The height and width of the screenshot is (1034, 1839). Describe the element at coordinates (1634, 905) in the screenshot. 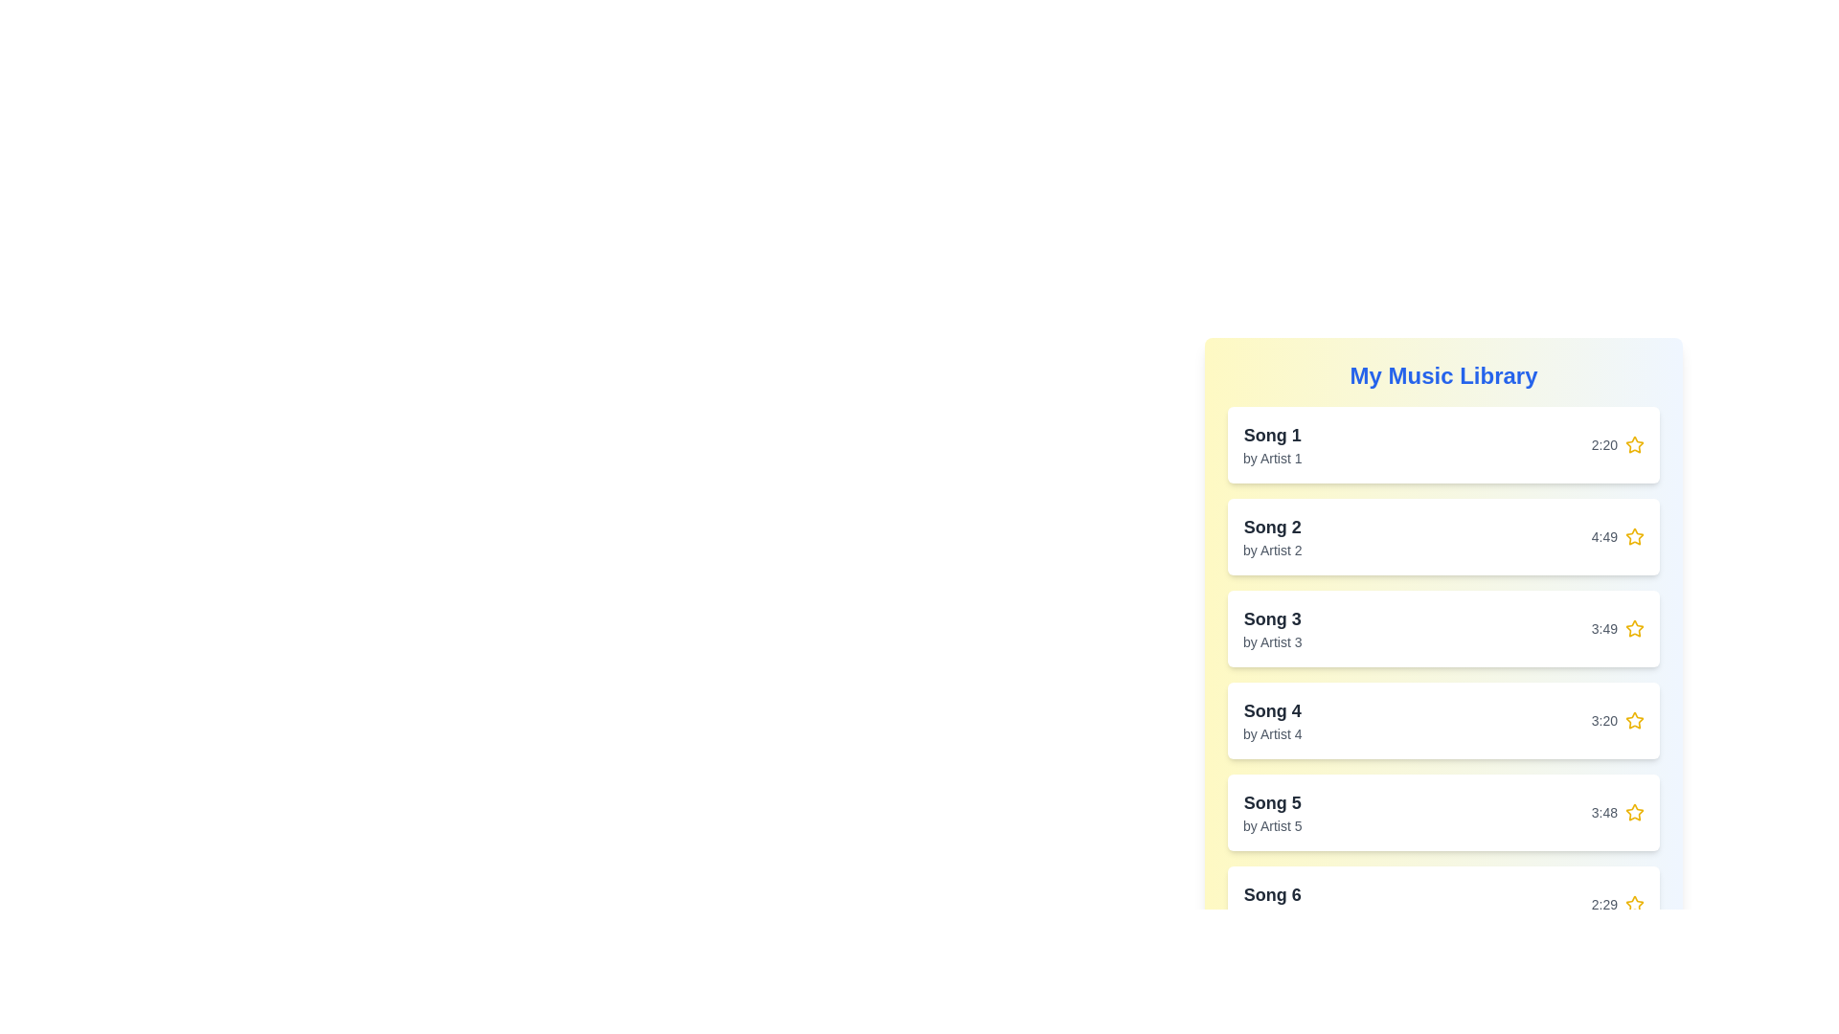

I see `the star icon, which represents a favorite marker and is located adjacent to the time text '2:29'` at that location.